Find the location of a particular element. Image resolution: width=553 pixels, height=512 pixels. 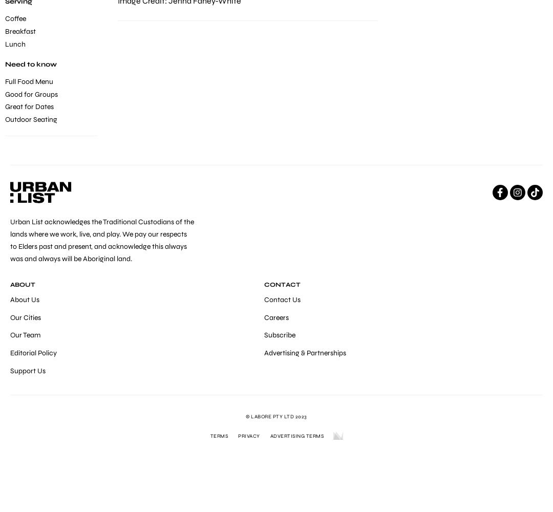

'Full Food Menu' is located at coordinates (29, 81).